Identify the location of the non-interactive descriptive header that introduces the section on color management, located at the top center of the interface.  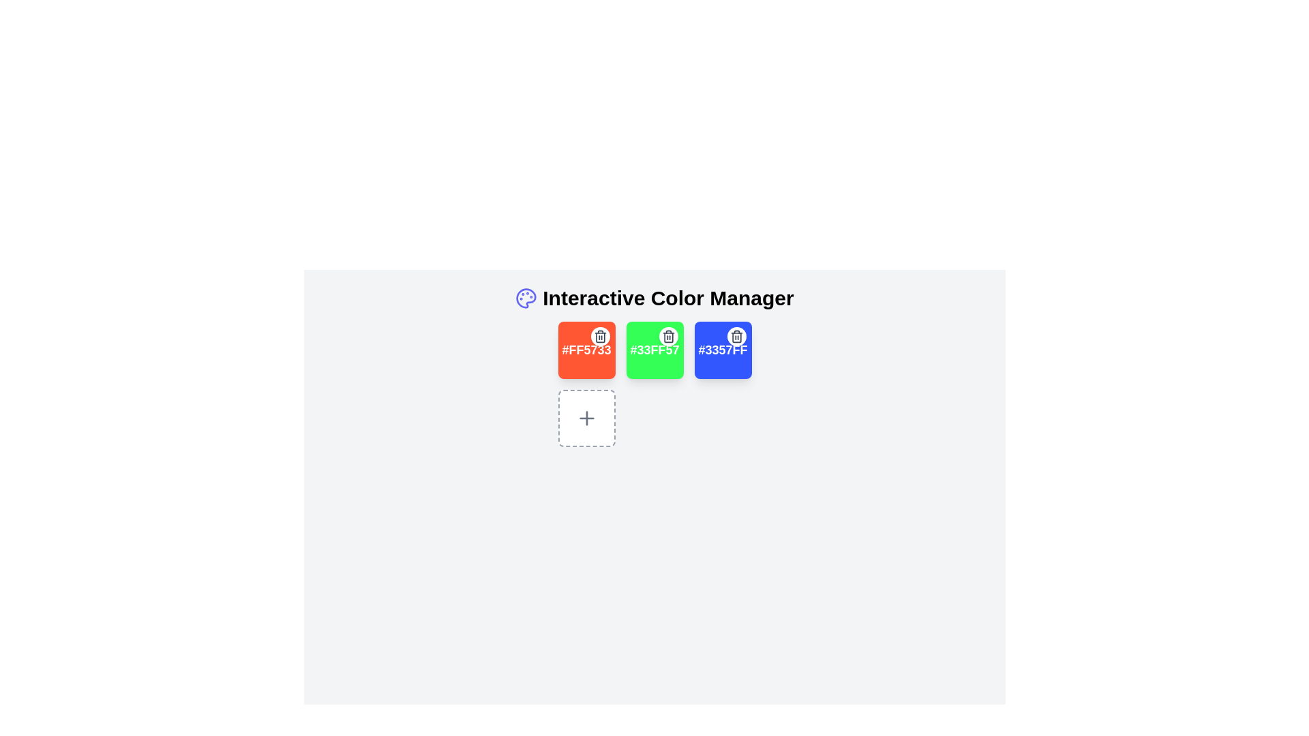
(654, 298).